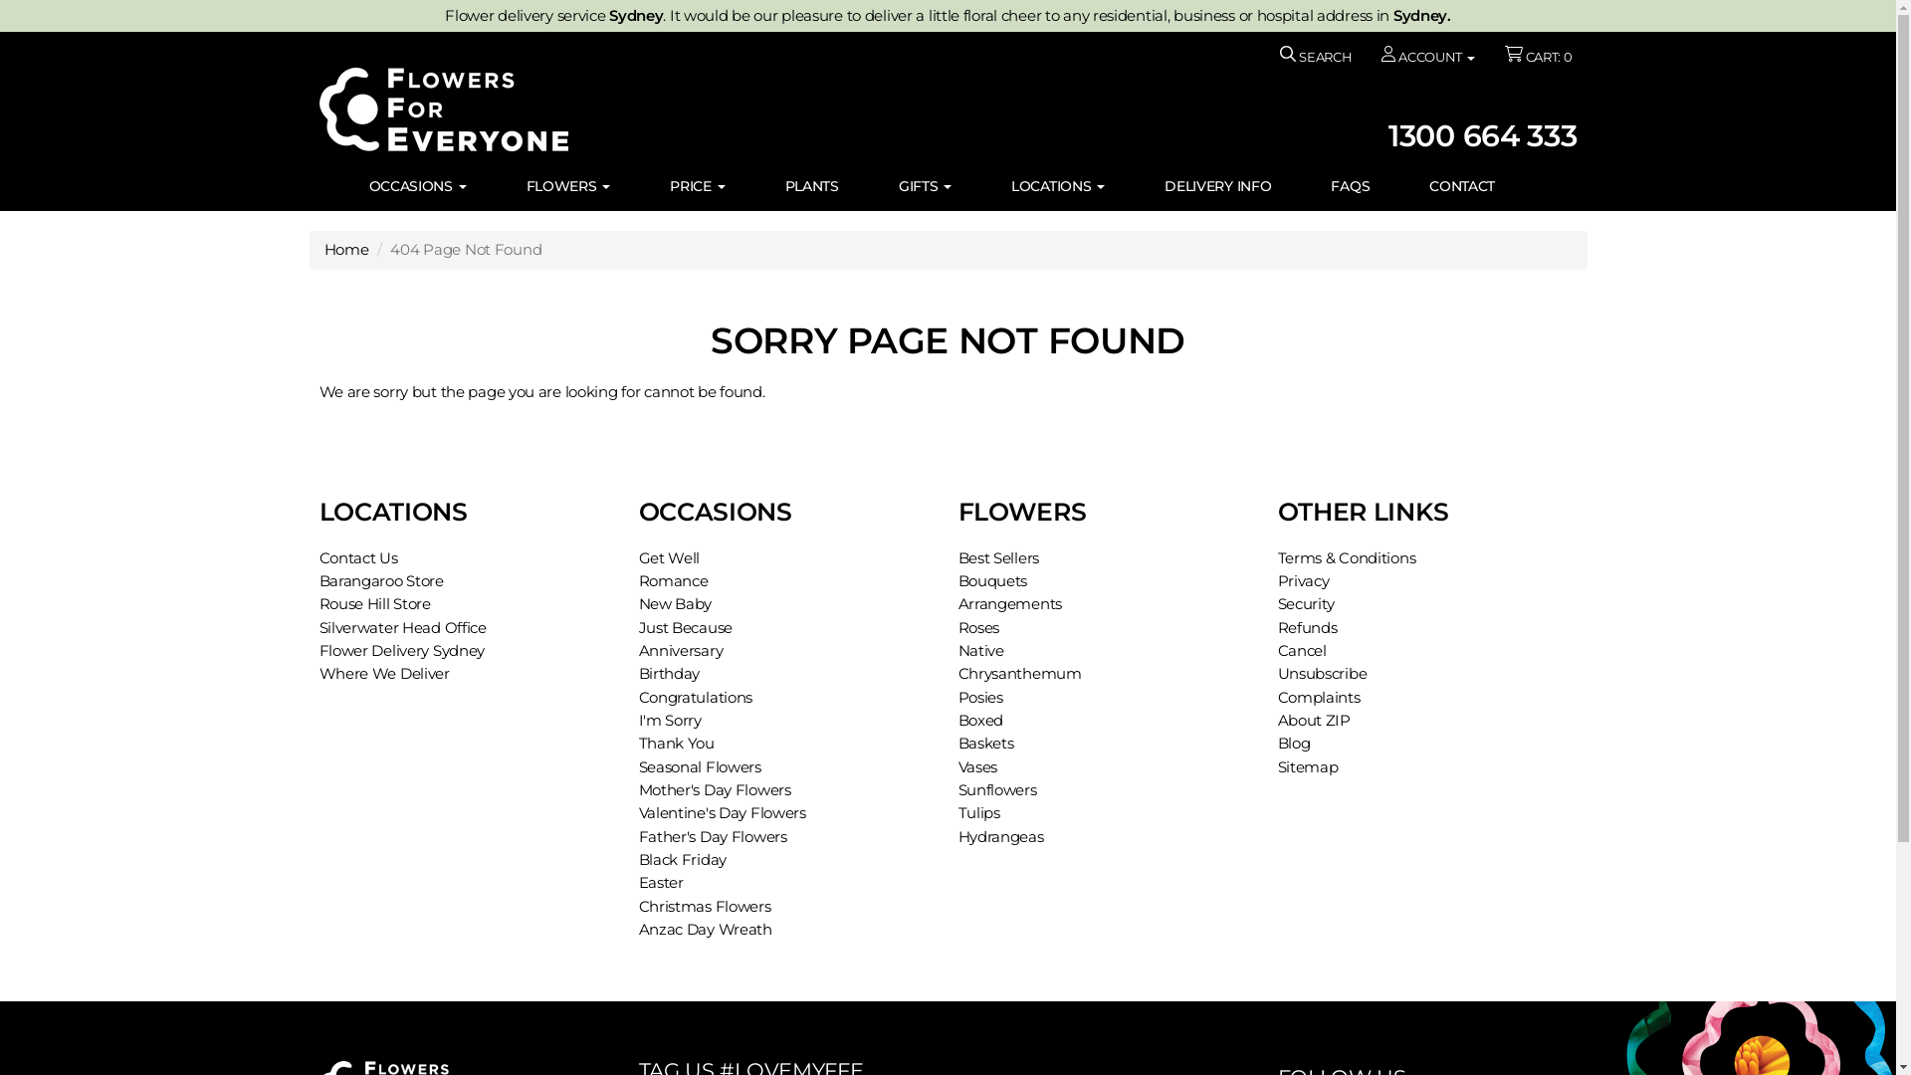 The width and height of the screenshot is (1911, 1075). Describe the element at coordinates (380, 580) in the screenshot. I see `'Barangaroo Store'` at that location.